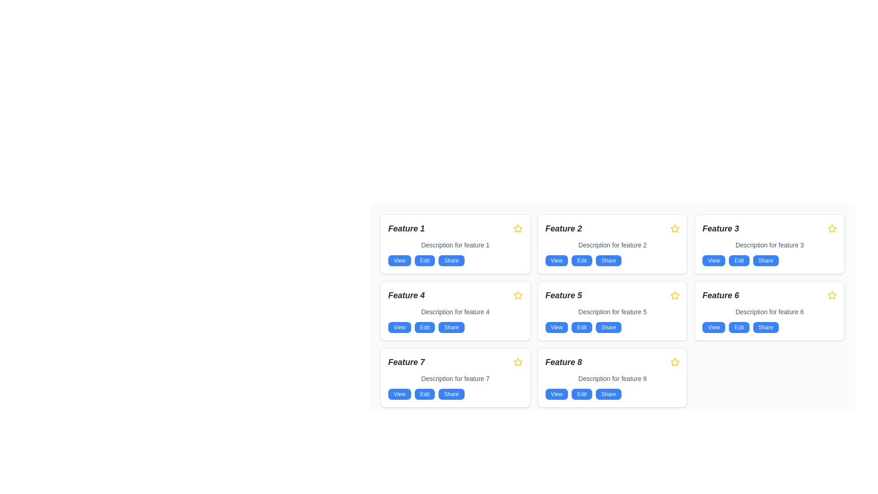  I want to click on the star icon that serves as a favorite or rating indicator for the 'Feature 3' card located in the first row, third column of the grid, so click(832, 228).